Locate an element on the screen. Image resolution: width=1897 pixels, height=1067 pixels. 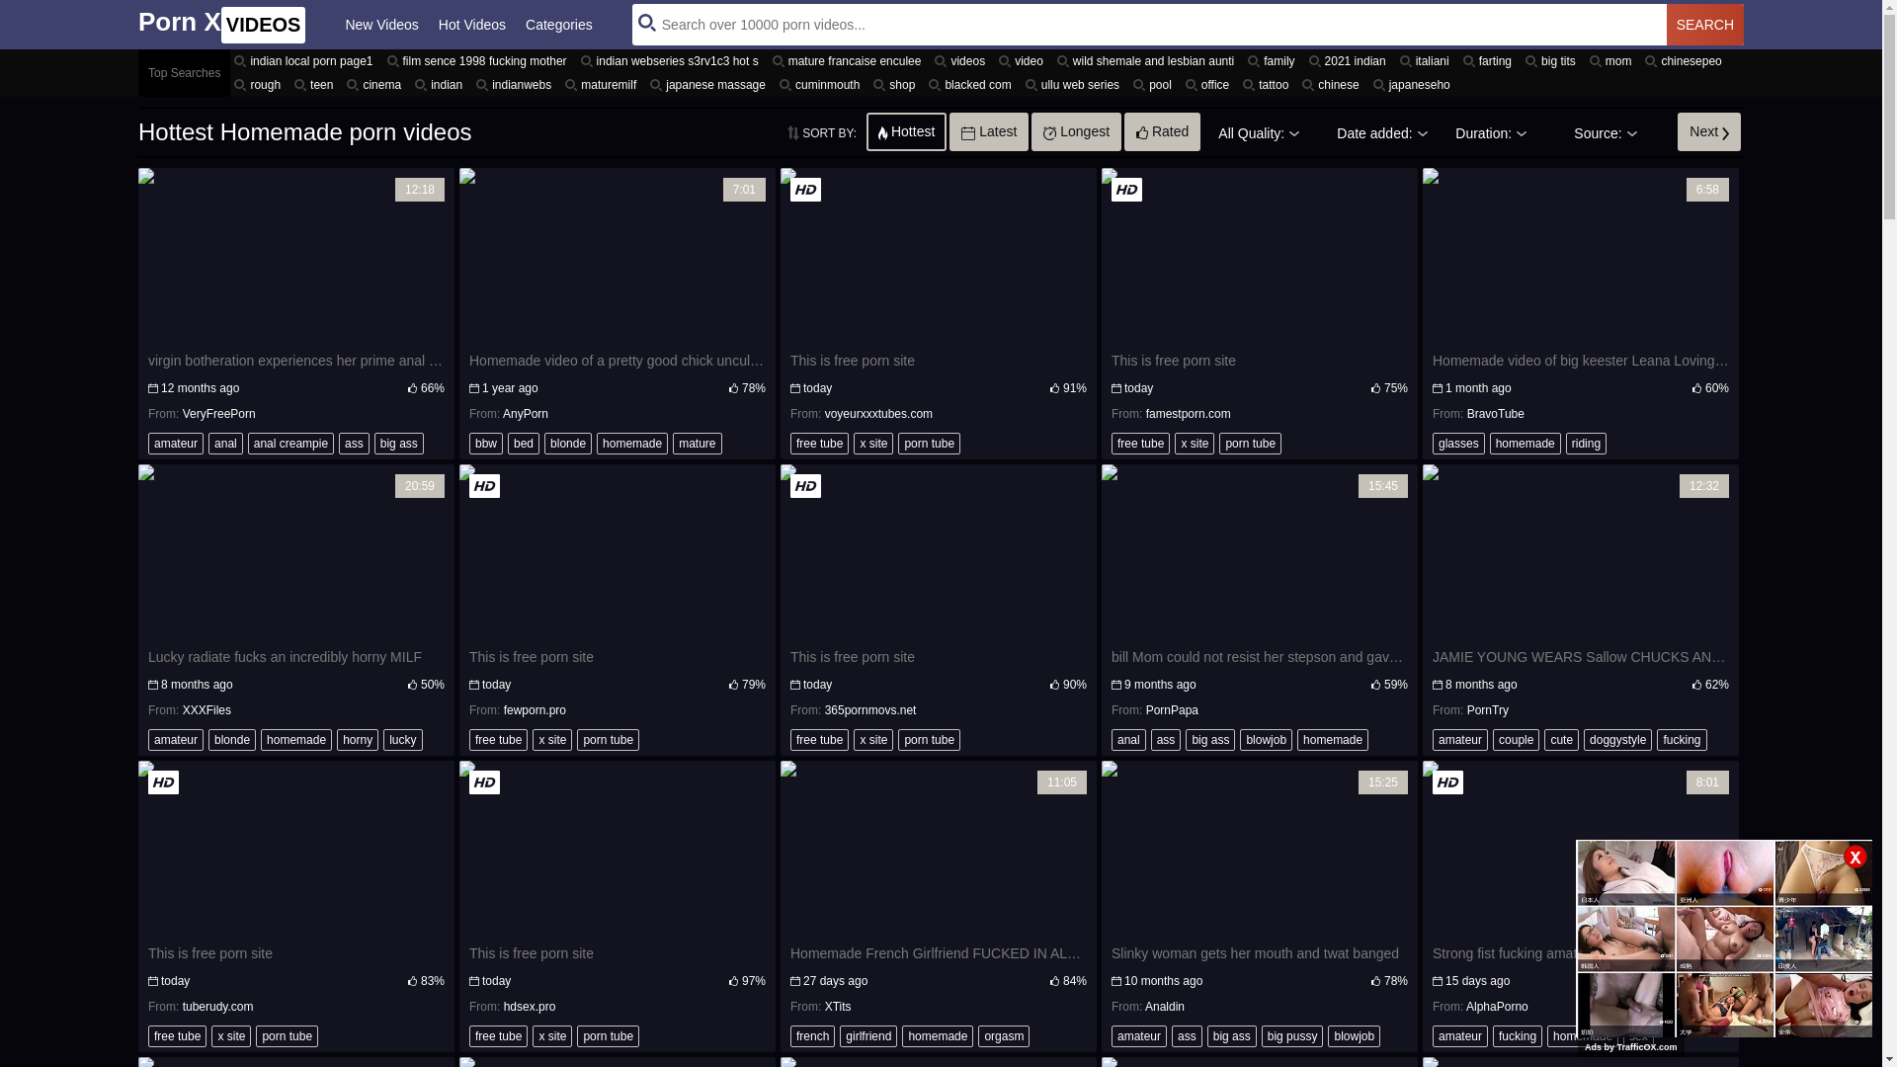
'fucking' is located at coordinates (1517, 1035).